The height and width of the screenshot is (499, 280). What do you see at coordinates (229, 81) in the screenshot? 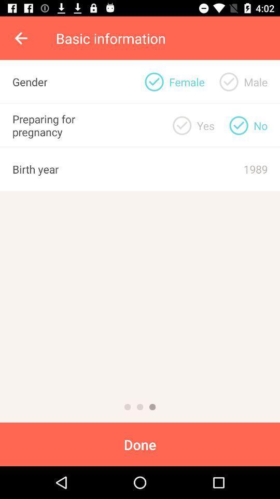
I see `the check icon` at bounding box center [229, 81].